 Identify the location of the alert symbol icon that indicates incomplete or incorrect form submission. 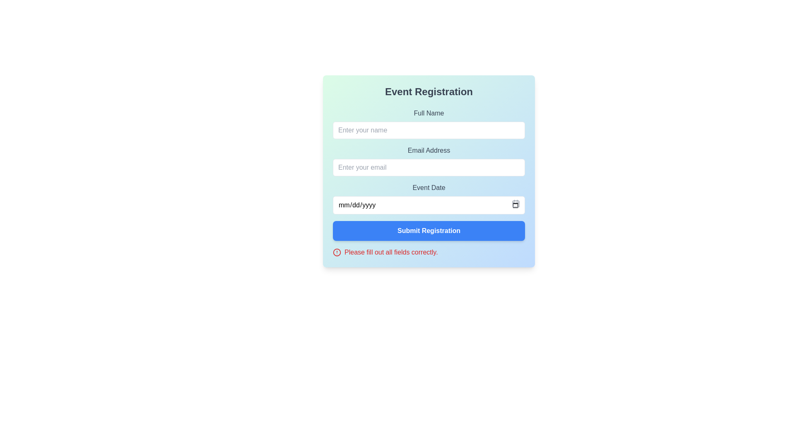
(337, 252).